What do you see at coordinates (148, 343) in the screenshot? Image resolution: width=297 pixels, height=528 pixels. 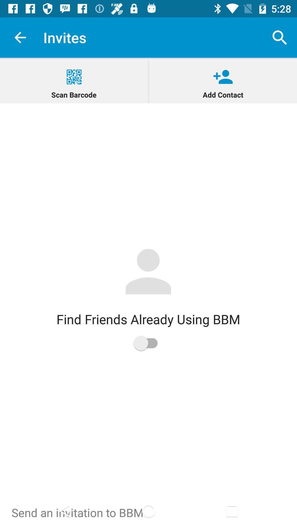 I see `item below the find friends already icon` at bounding box center [148, 343].